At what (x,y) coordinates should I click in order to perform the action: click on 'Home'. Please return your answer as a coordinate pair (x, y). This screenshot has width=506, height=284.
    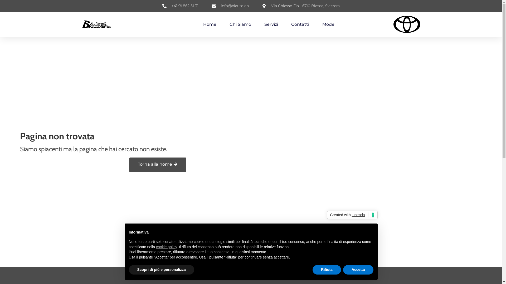
    Looking at the image, I should click on (210, 24).